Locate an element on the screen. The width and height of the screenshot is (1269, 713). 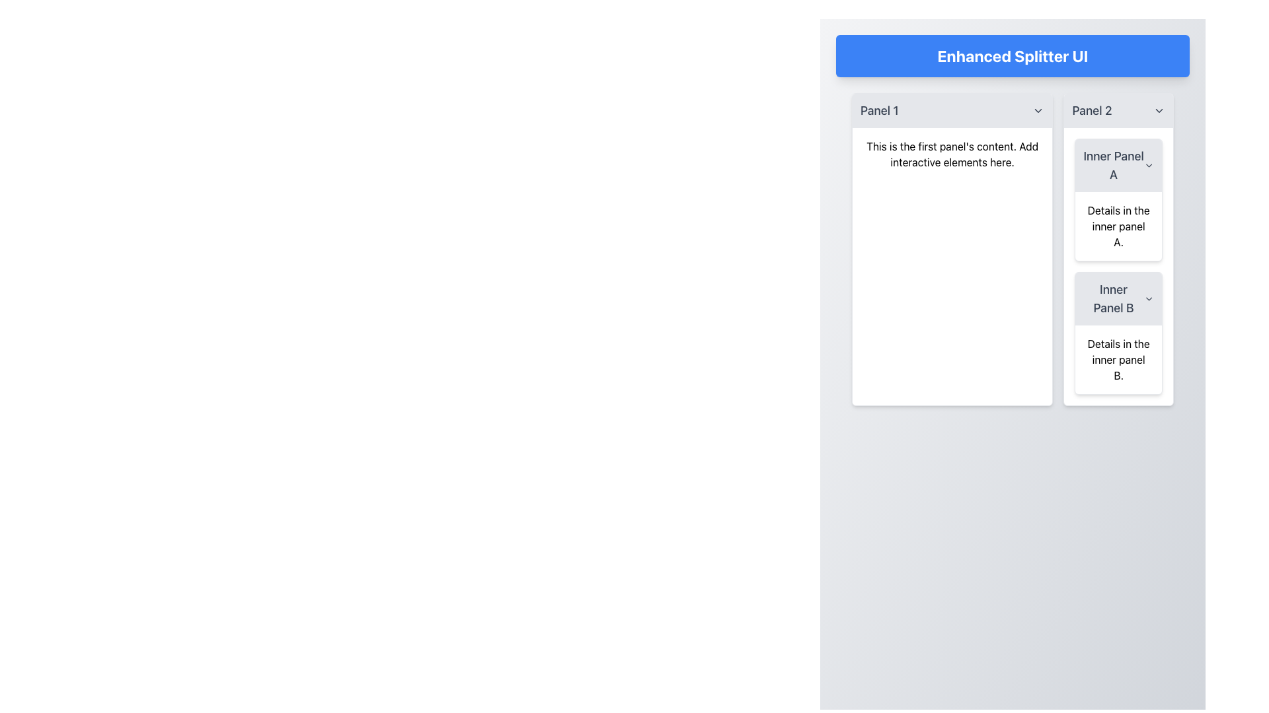
the Collapsible Panel Header for 'Details is located at coordinates (1118, 164).